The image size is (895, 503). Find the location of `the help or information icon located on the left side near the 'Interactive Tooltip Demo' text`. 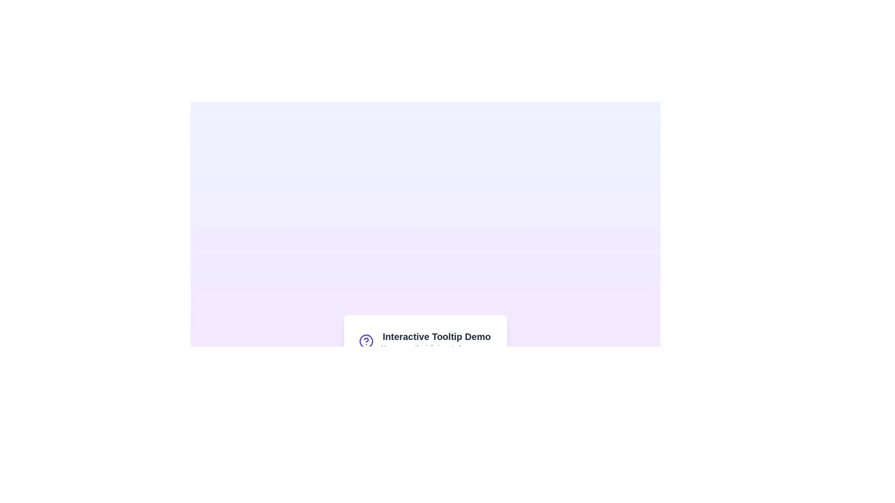

the help or information icon located on the left side near the 'Interactive Tooltip Demo' text is located at coordinates (365, 341).